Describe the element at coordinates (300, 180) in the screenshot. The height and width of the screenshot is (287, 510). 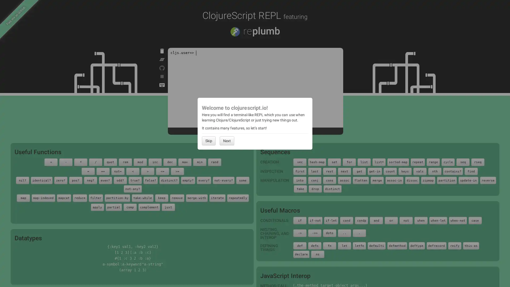
I see `into` at that location.